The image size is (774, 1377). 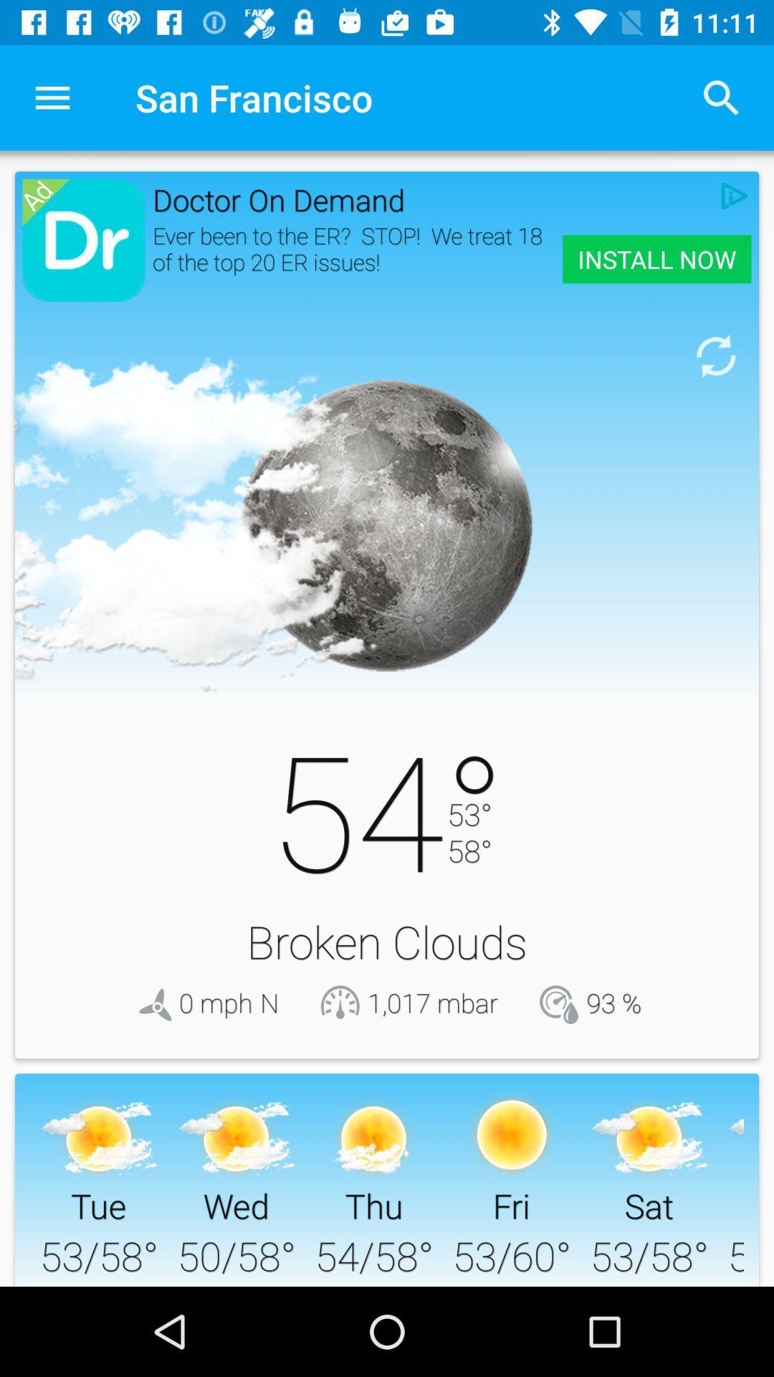 I want to click on icon to the left of san francisco item, so click(x=52, y=97).